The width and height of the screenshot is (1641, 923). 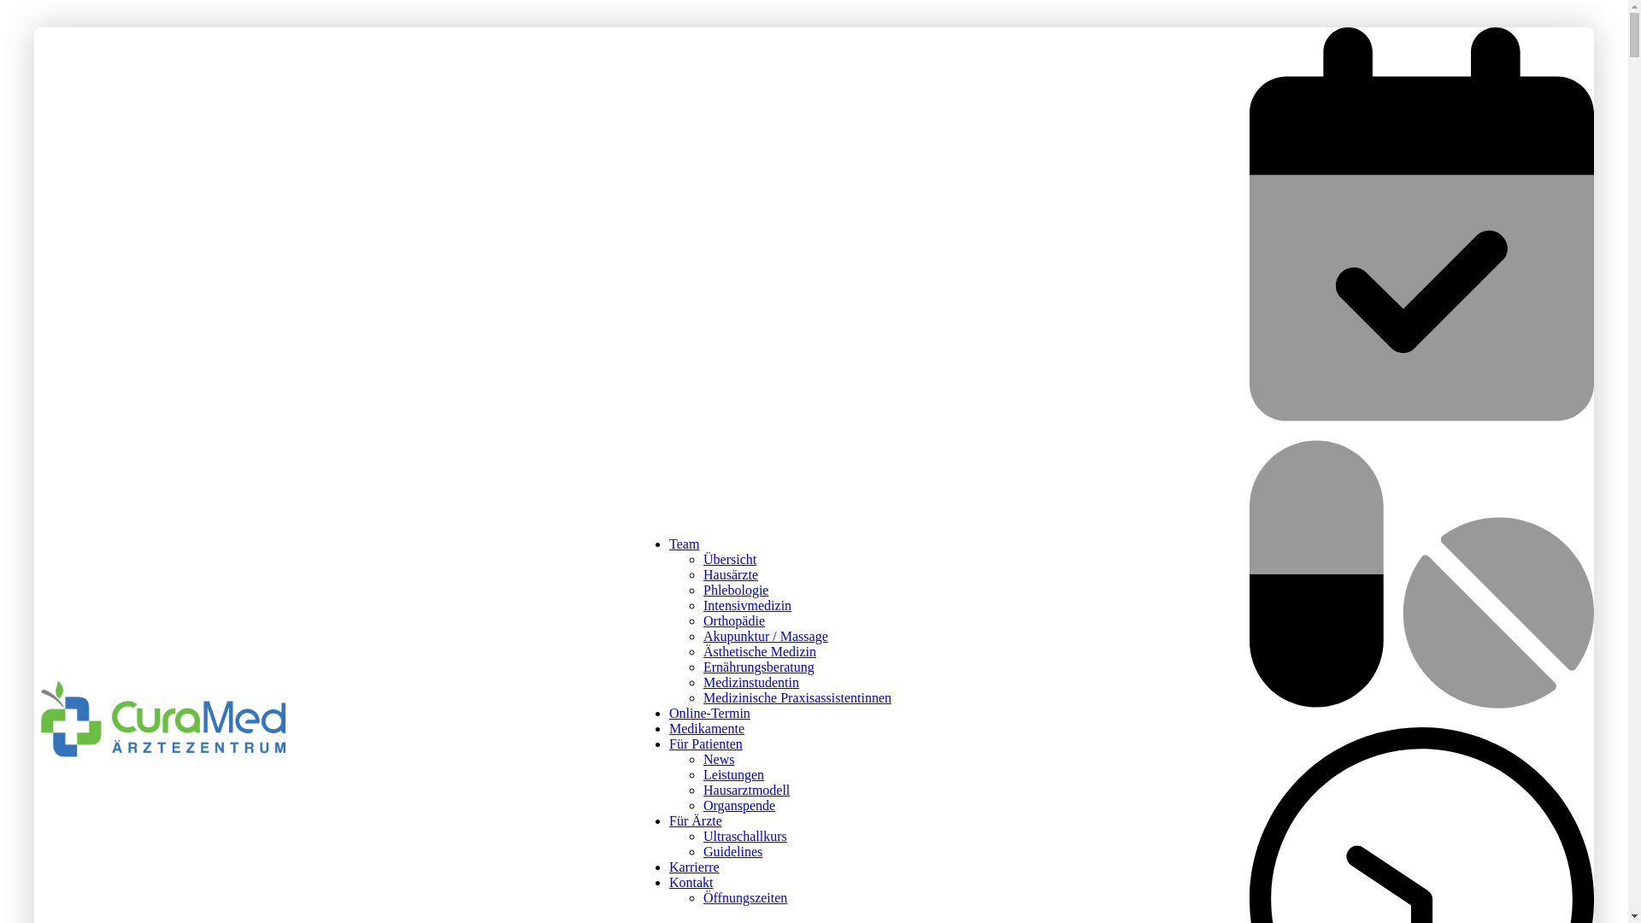 I want to click on 'Intensivmedizin', so click(x=747, y=604).